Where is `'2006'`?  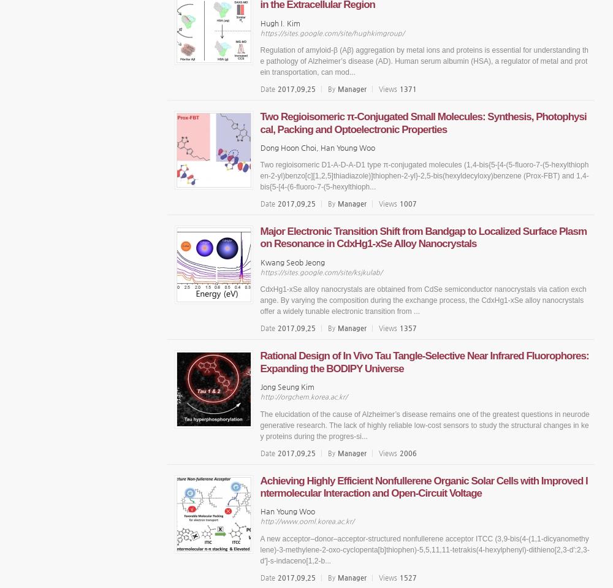 '2006' is located at coordinates (408, 452).